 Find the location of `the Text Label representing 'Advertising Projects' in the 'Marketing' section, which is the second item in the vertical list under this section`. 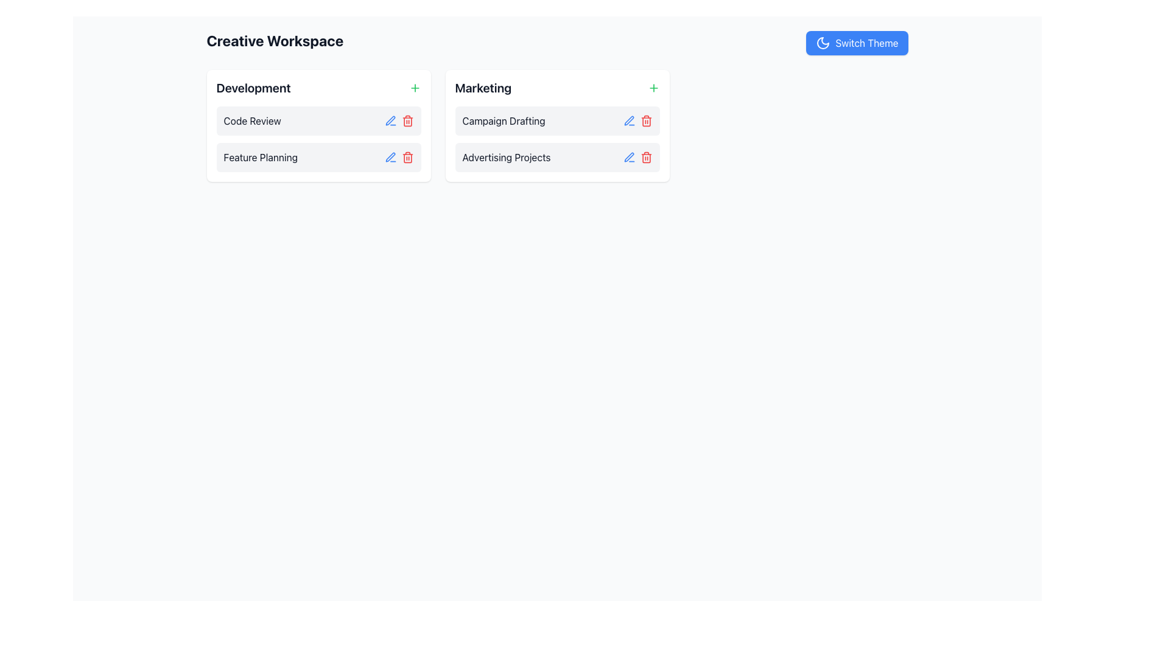

the Text Label representing 'Advertising Projects' in the 'Marketing' section, which is the second item in the vertical list under this section is located at coordinates (506, 156).